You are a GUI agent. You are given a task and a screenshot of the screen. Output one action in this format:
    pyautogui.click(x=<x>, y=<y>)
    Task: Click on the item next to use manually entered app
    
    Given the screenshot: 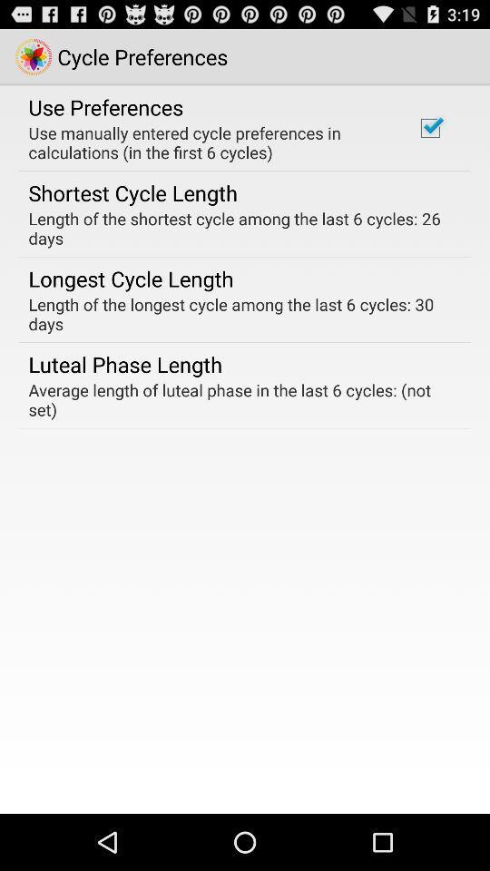 What is the action you would take?
    pyautogui.click(x=429, y=127)
    